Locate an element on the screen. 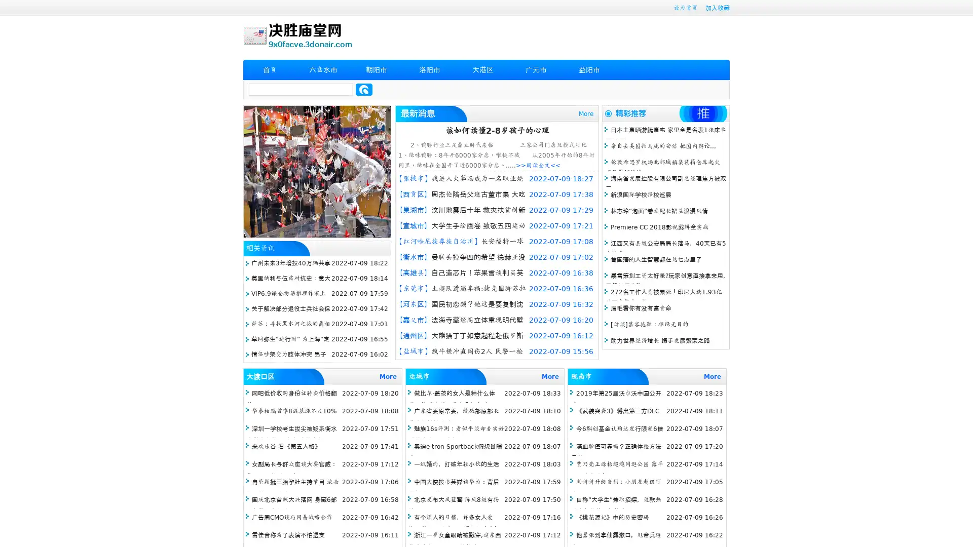 The image size is (973, 547). Search is located at coordinates (364, 89).